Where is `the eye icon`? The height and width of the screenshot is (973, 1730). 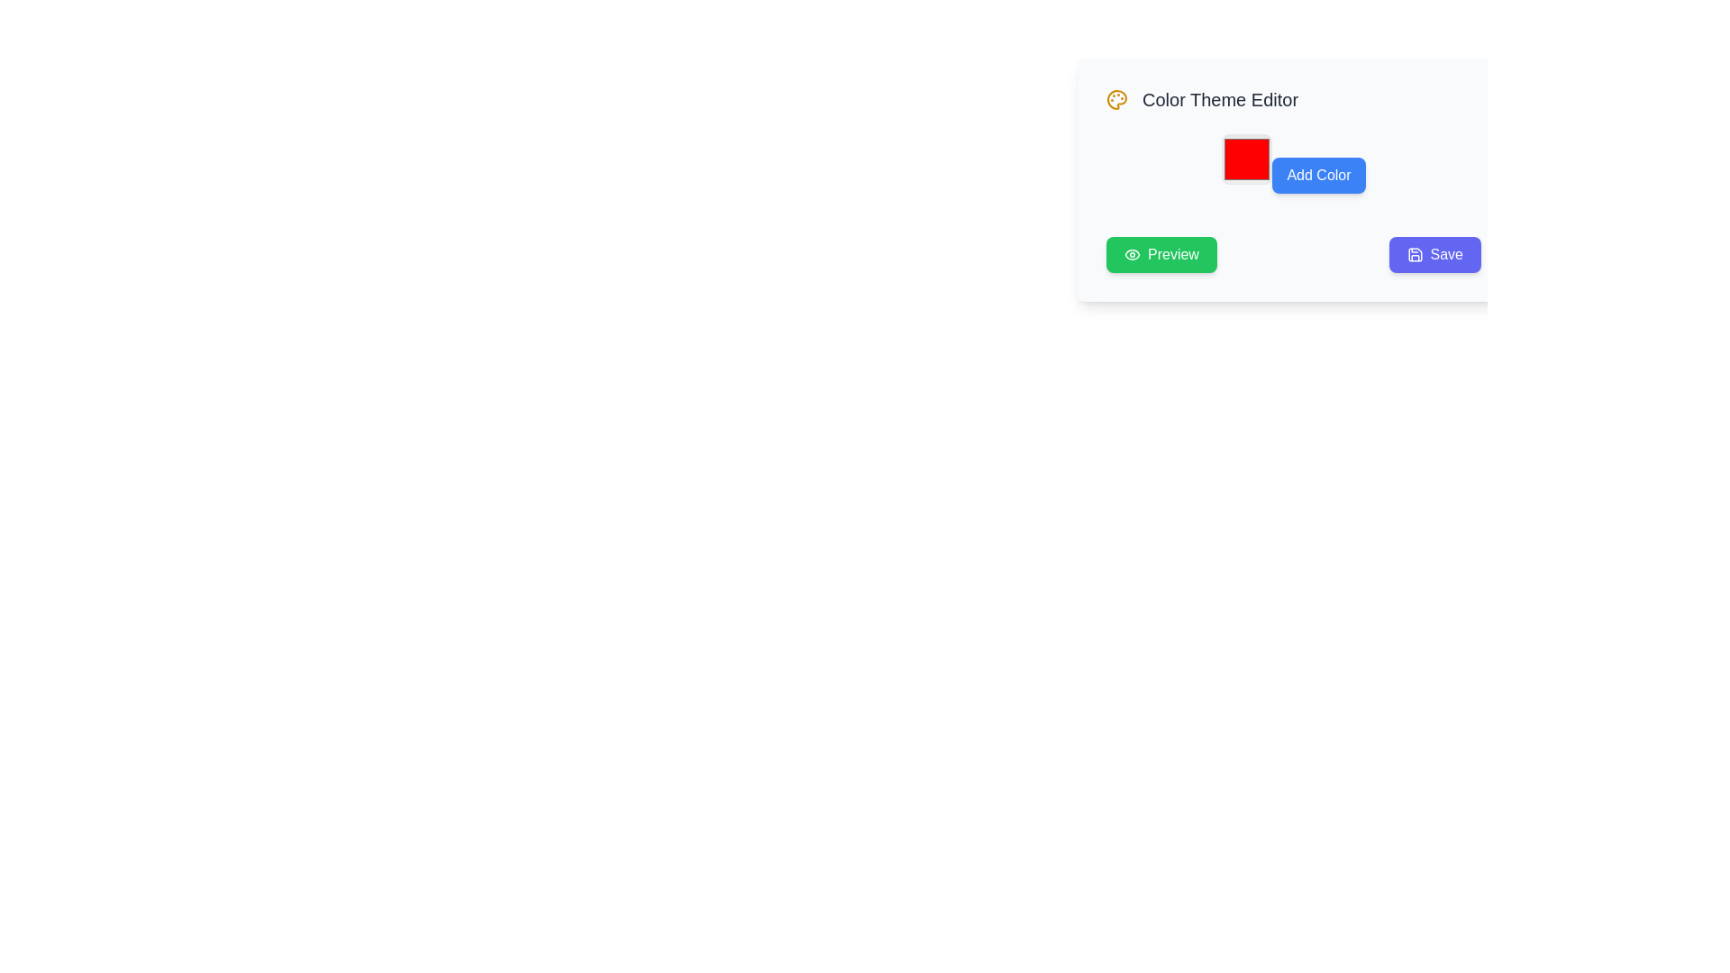
the eye icon is located at coordinates (1132, 254).